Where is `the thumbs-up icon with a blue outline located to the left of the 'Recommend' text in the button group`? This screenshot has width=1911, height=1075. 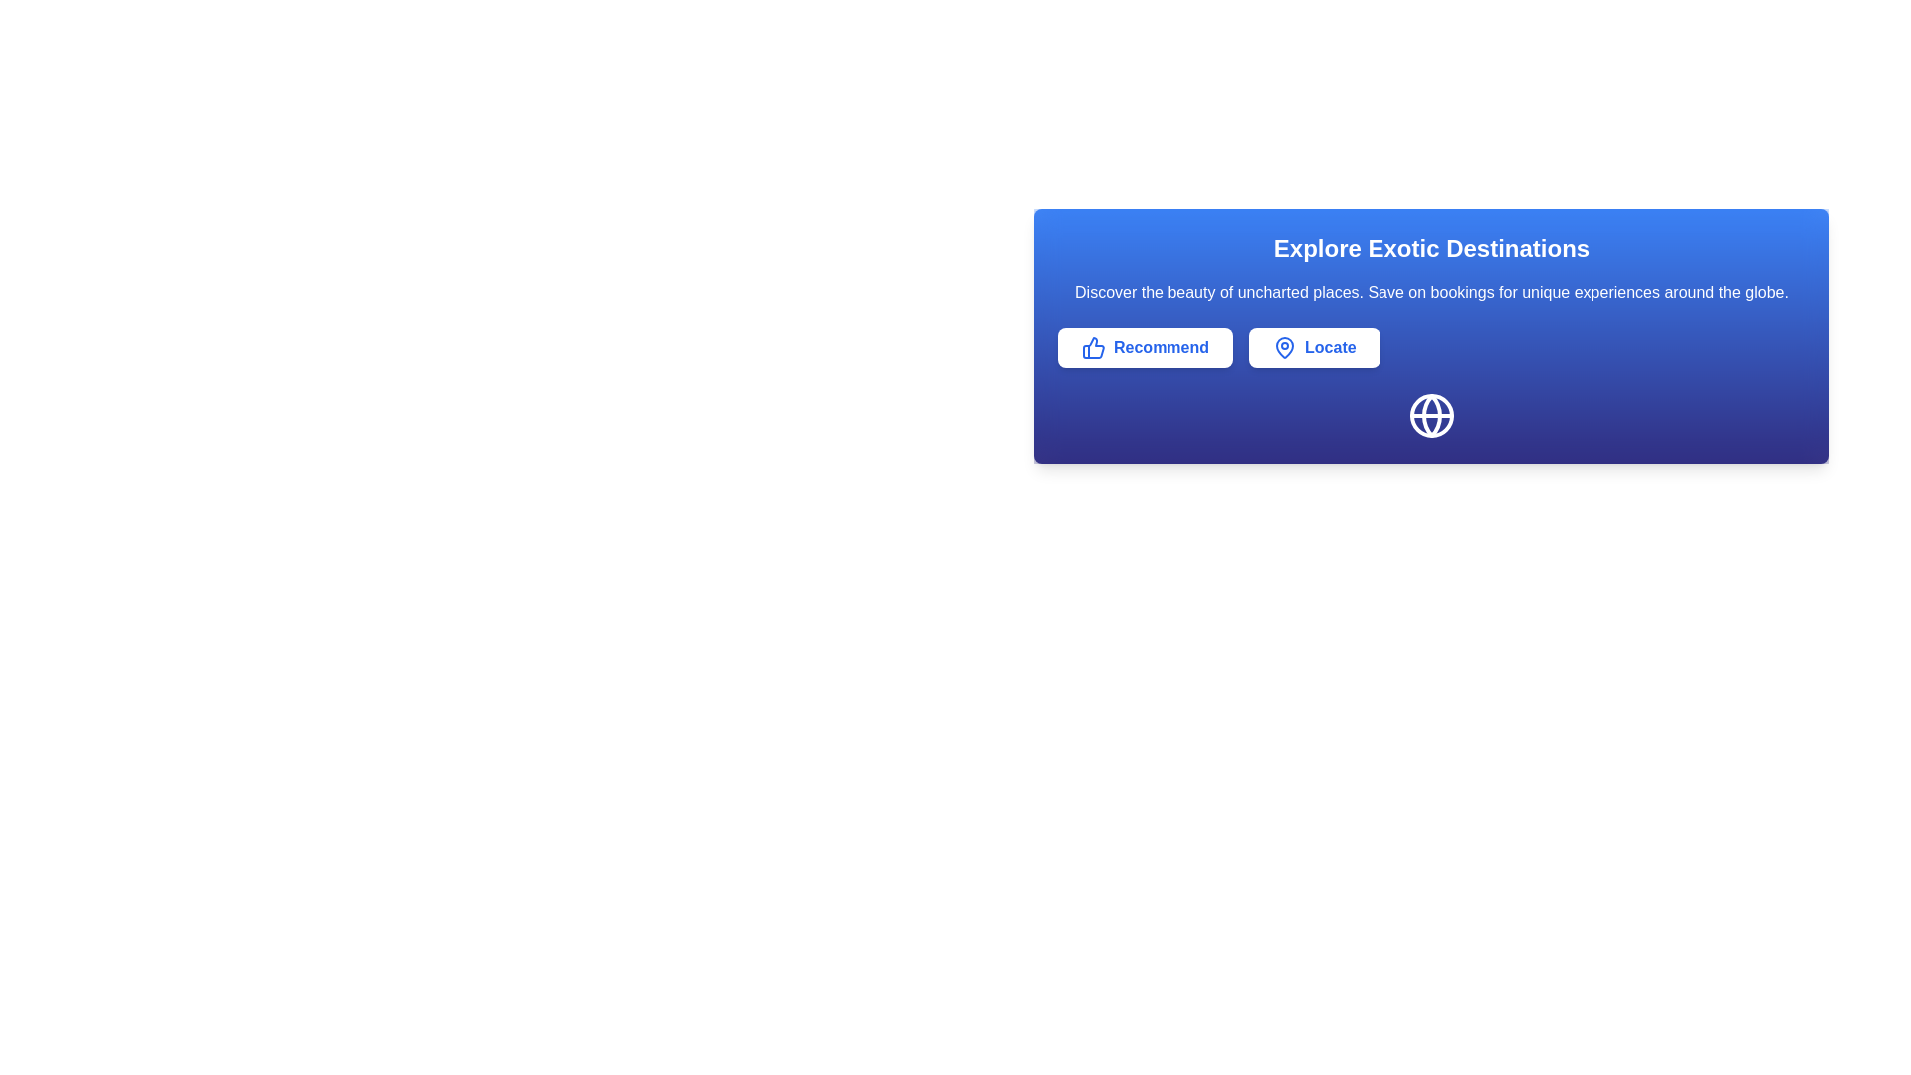 the thumbs-up icon with a blue outline located to the left of the 'Recommend' text in the button group is located at coordinates (1093, 347).